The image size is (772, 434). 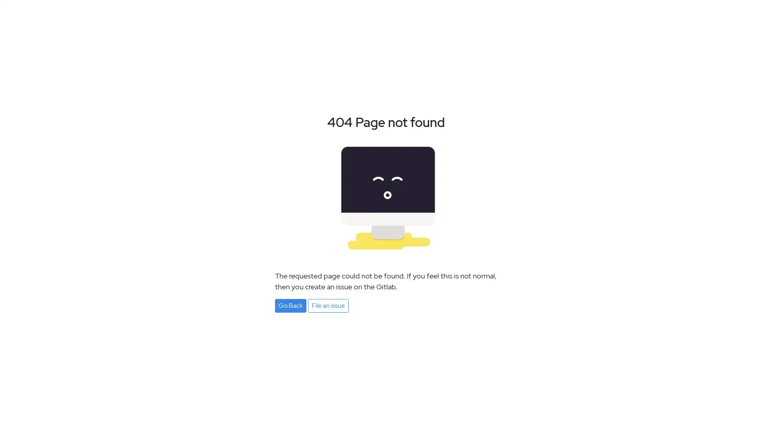 I want to click on Go Back, so click(x=290, y=305).